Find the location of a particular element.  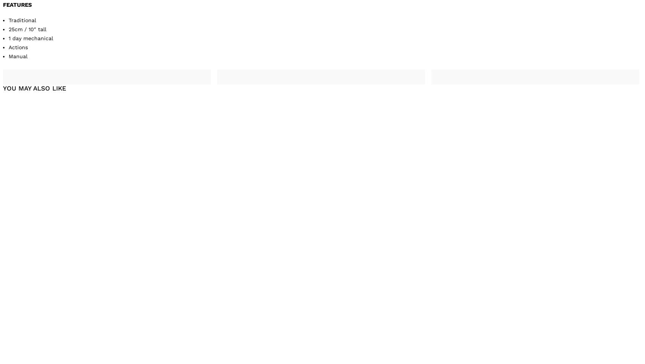

'£459.00' is located at coordinates (145, 309).